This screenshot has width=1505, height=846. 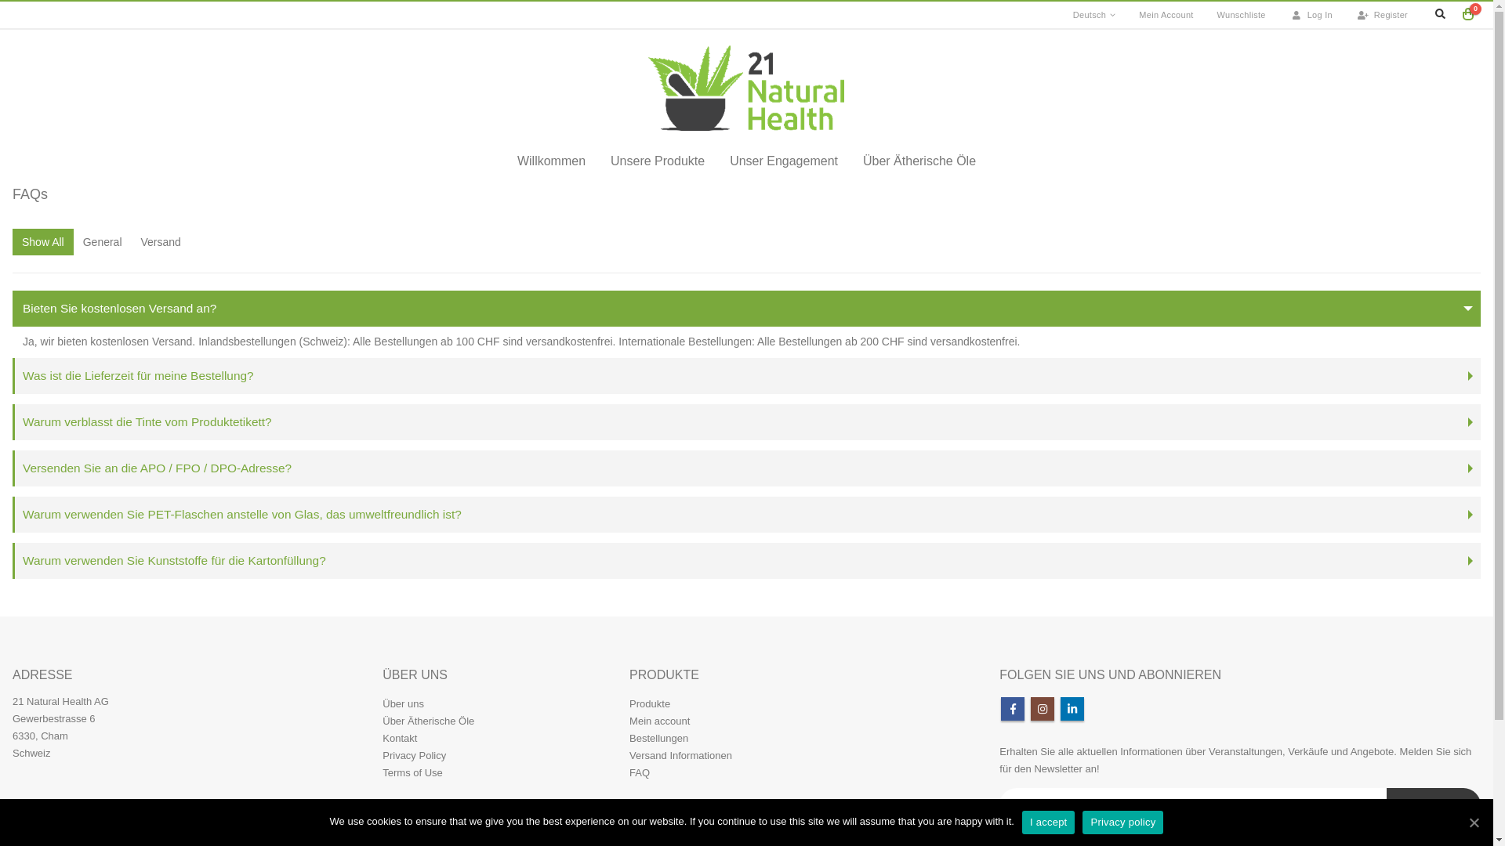 I want to click on 'Terms of Use', so click(x=412, y=772).